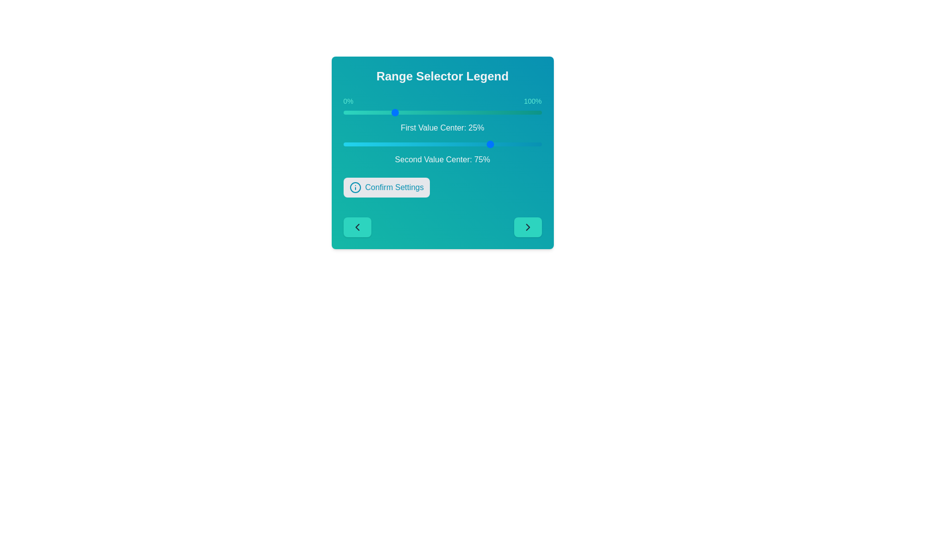 The width and height of the screenshot is (952, 536). What do you see at coordinates (442, 159) in the screenshot?
I see `the text label displaying 'Second Value Center: 75%' which is styled with centered text alignment and positioned in a teal-colored context, located beneath the second range slider` at bounding box center [442, 159].